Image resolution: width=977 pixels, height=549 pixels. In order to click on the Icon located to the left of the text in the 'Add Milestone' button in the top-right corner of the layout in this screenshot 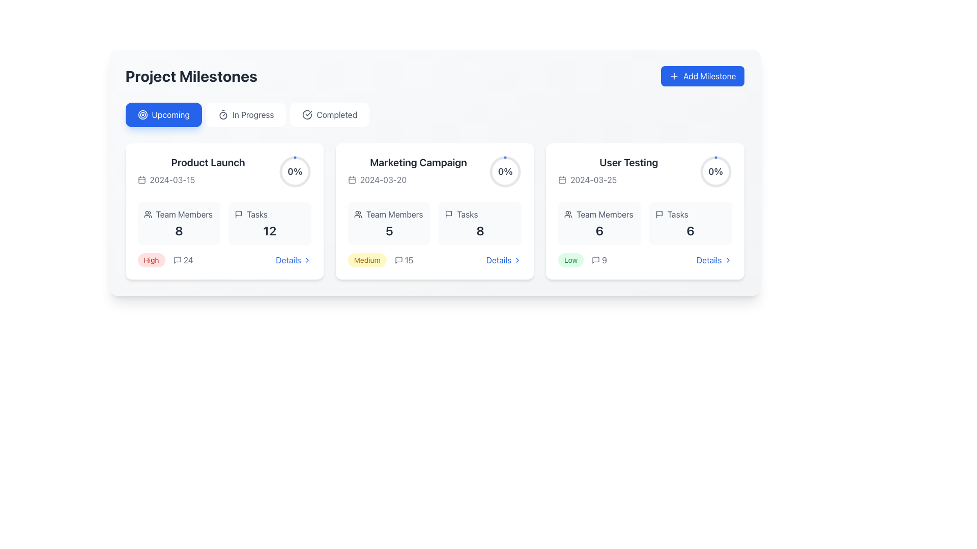, I will do `click(674, 76)`.